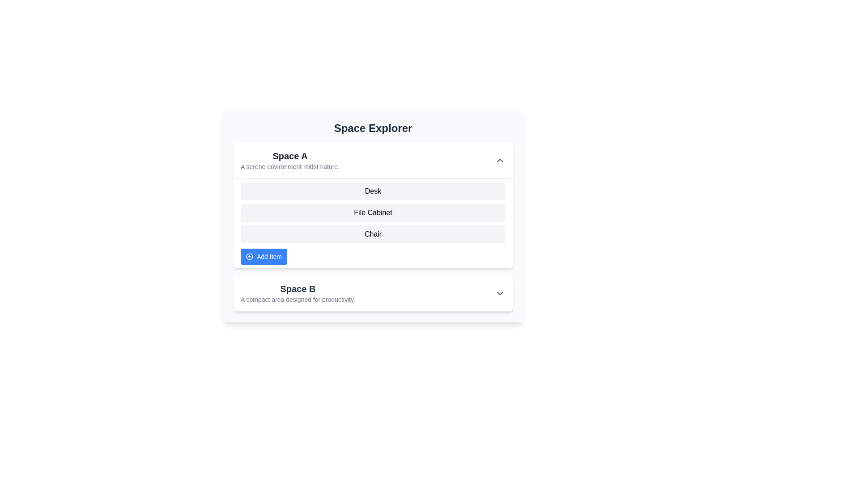  Describe the element at coordinates (373, 212) in the screenshot. I see `the 'File Cabinet' label, which is the second item in the list with a light gray background and rounded corners` at that location.